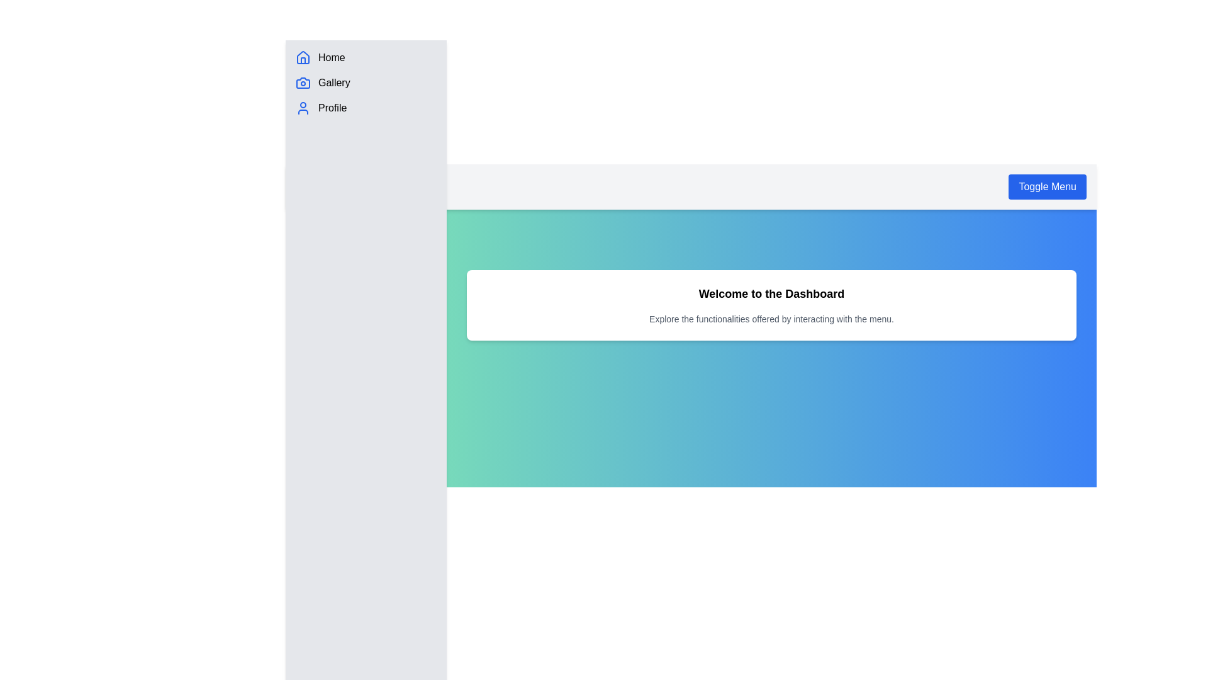 The image size is (1208, 680). Describe the element at coordinates (332, 108) in the screenshot. I see `the 'Profile' text label in the vertical menu, which is located below the 'Gallery' item and next to a user icon` at that location.